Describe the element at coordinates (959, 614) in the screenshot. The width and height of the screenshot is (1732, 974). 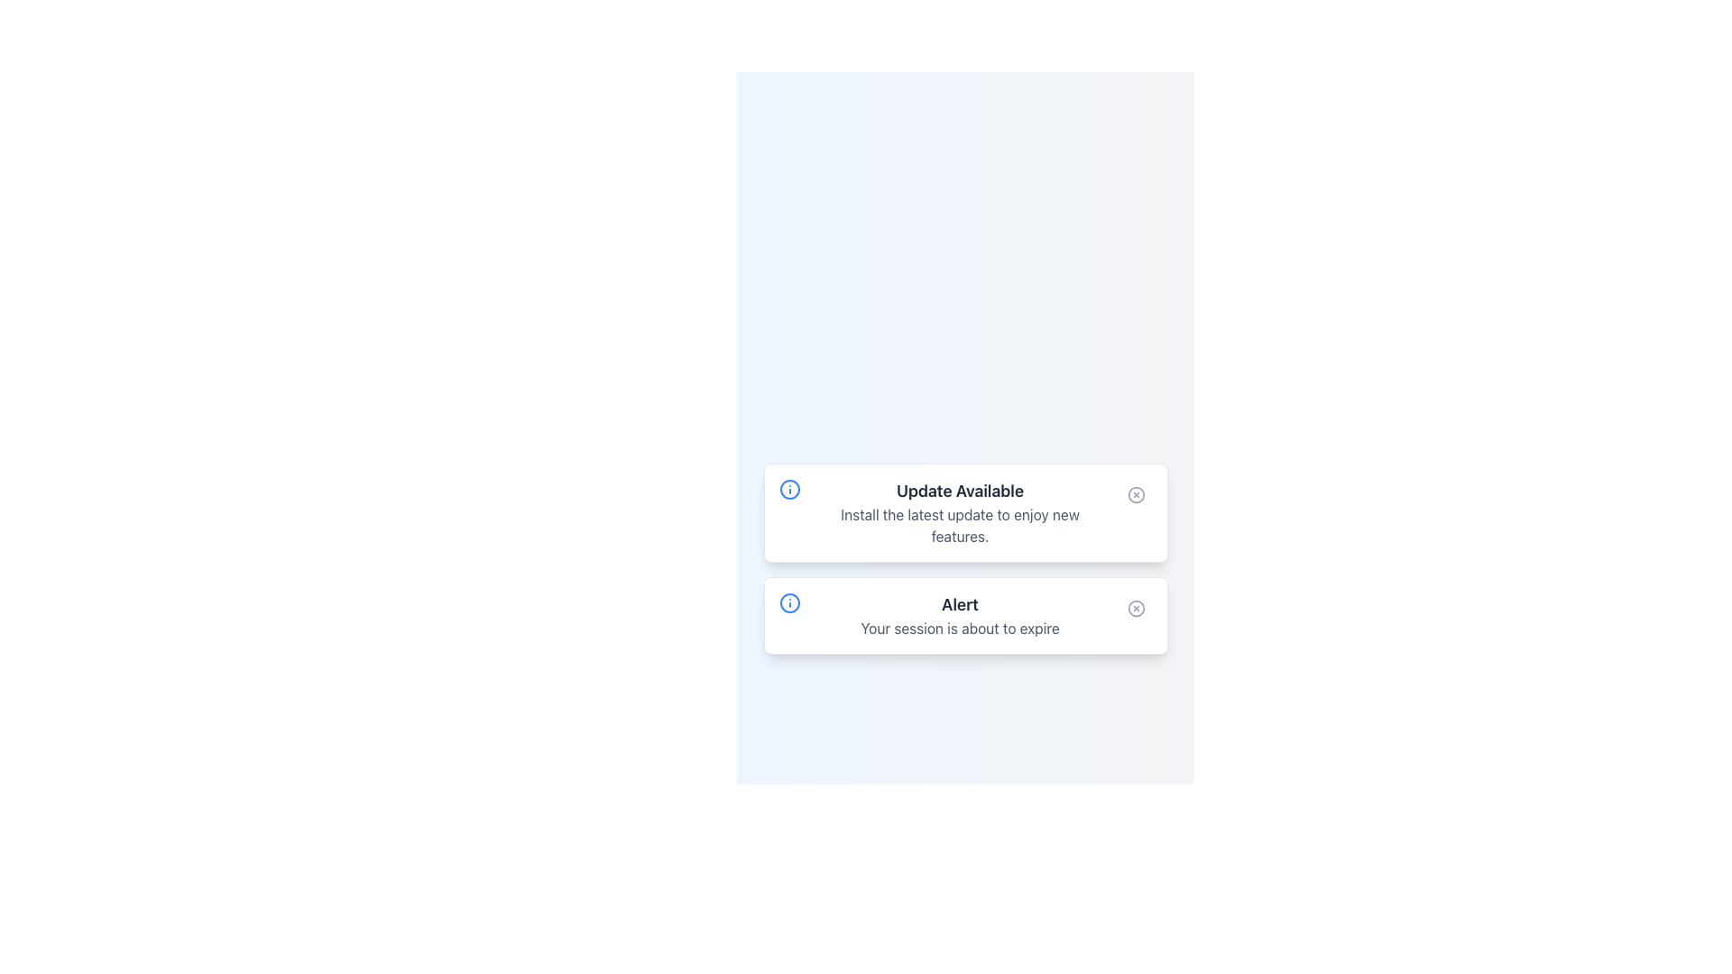
I see `the text-based informational component warning about session expiration located in the second card from the top` at that location.